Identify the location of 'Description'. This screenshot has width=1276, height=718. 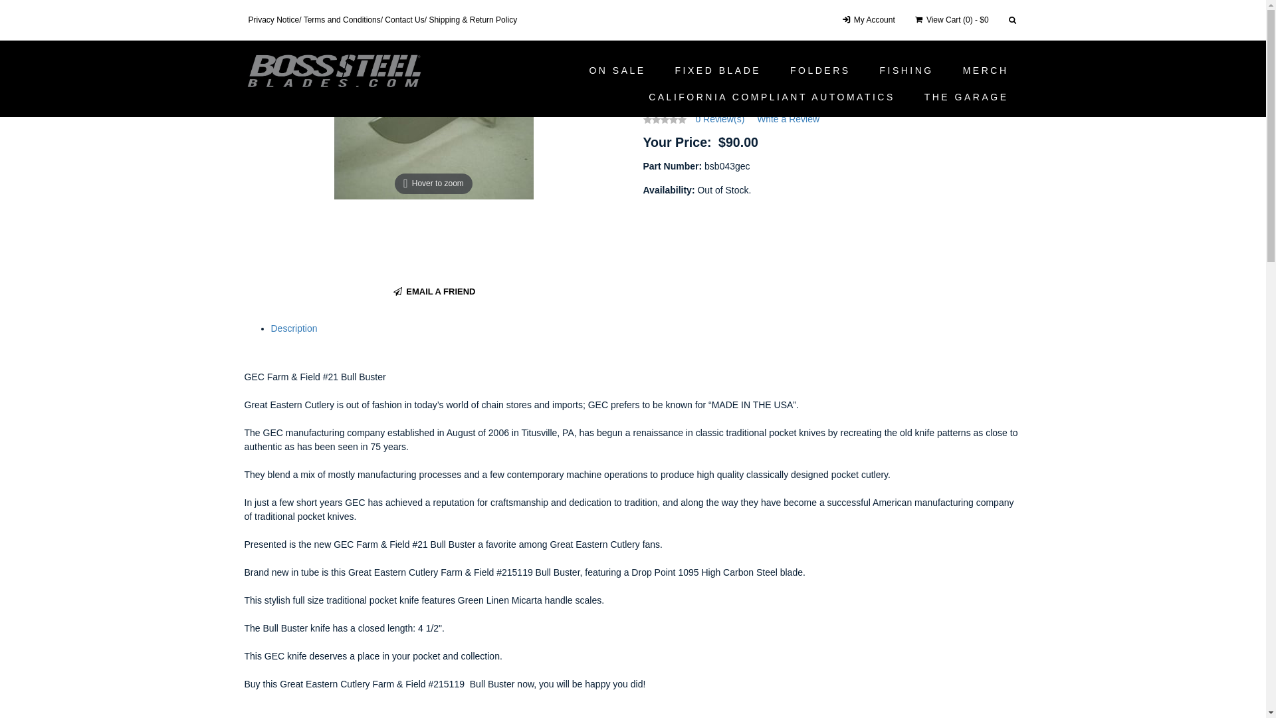
(270, 328).